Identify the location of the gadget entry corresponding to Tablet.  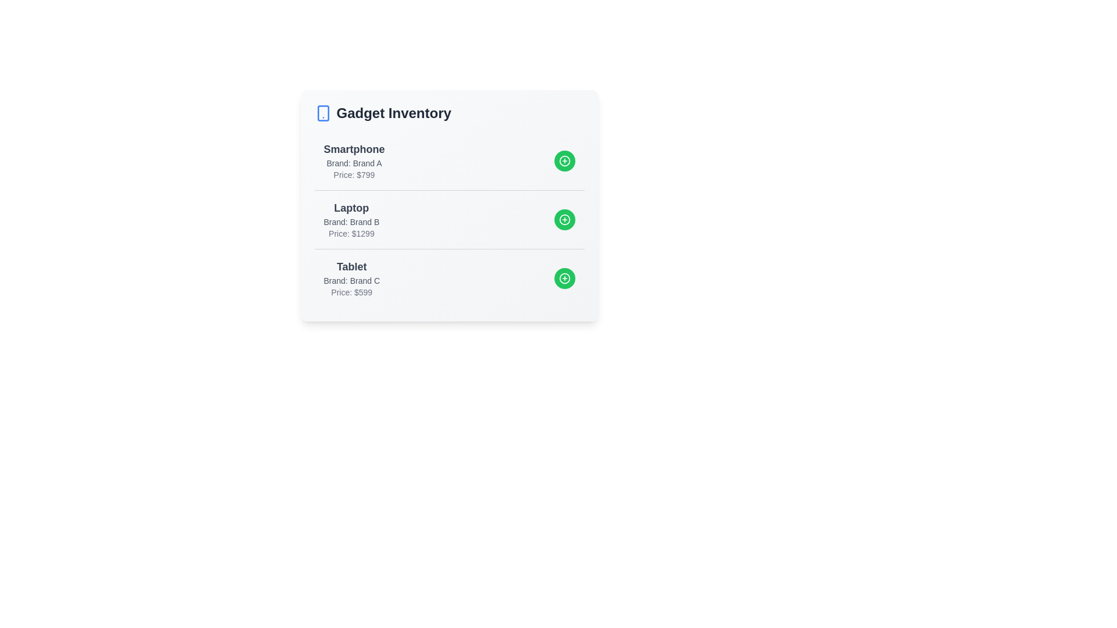
(449, 278).